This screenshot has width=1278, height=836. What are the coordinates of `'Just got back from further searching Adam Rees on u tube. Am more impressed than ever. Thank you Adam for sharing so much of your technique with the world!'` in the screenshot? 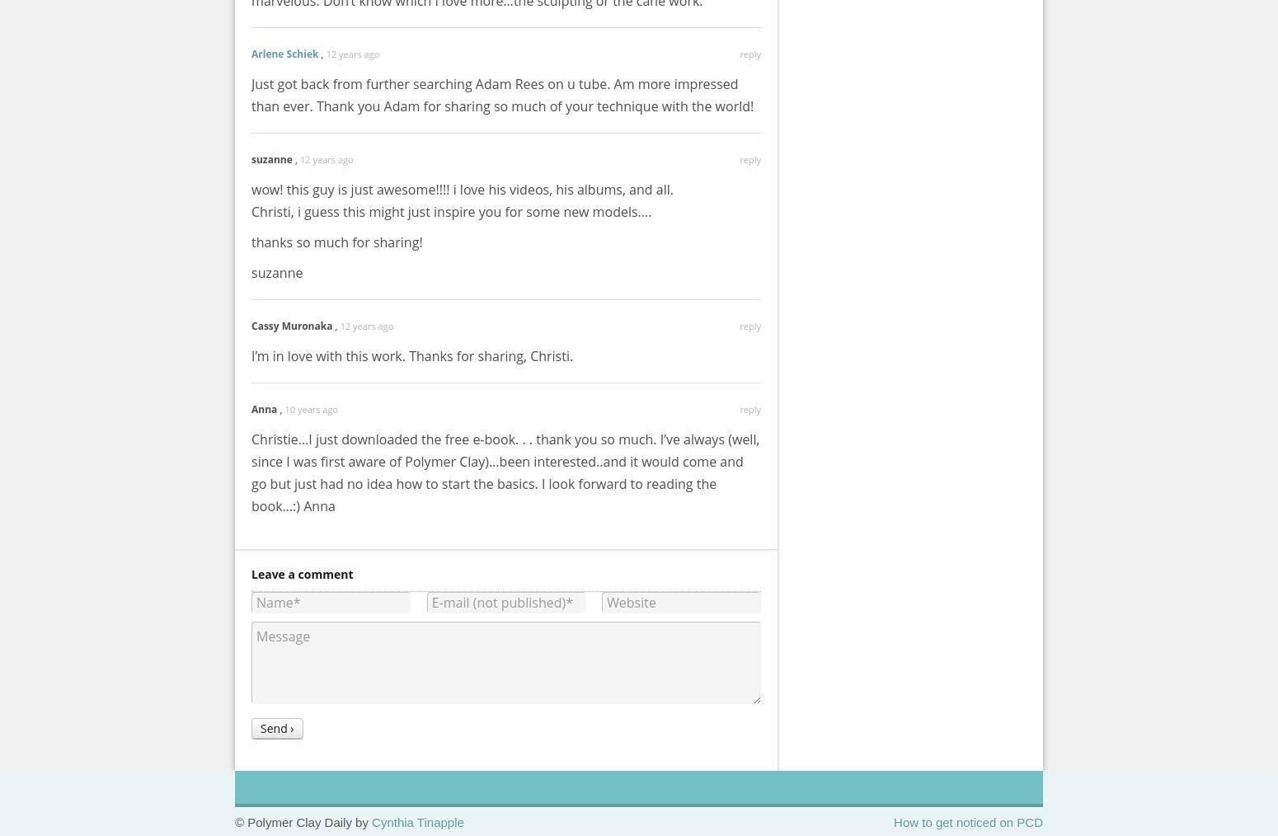 It's located at (502, 95).